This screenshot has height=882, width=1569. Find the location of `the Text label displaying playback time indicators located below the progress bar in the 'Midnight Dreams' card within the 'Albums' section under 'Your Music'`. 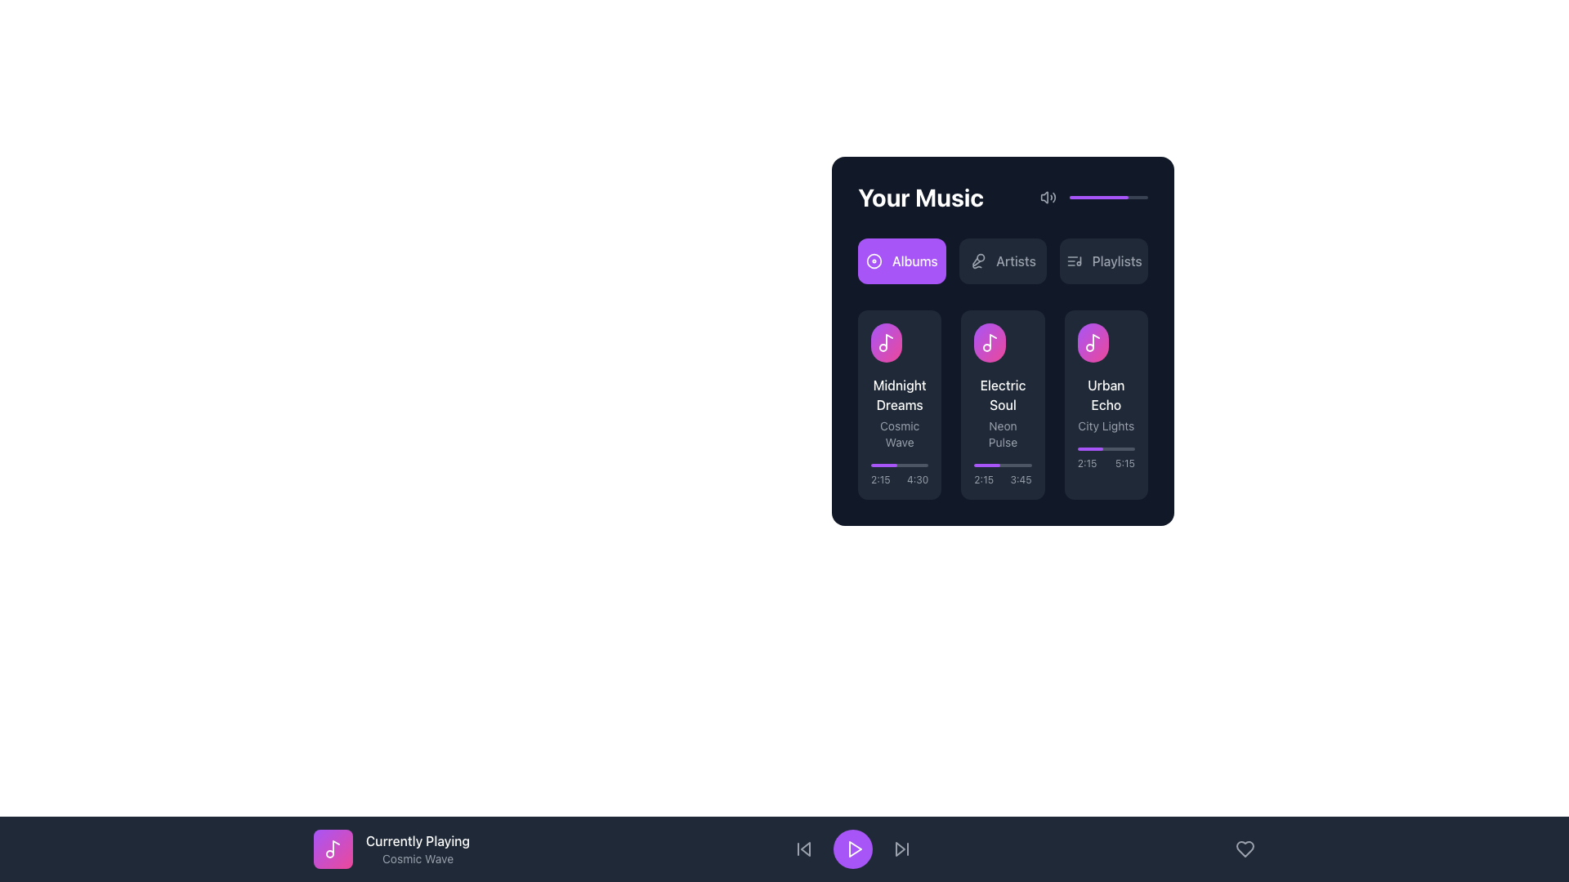

the Text label displaying playback time indicators located below the progress bar in the 'Midnight Dreams' card within the 'Albums' section under 'Your Music' is located at coordinates (899, 479).